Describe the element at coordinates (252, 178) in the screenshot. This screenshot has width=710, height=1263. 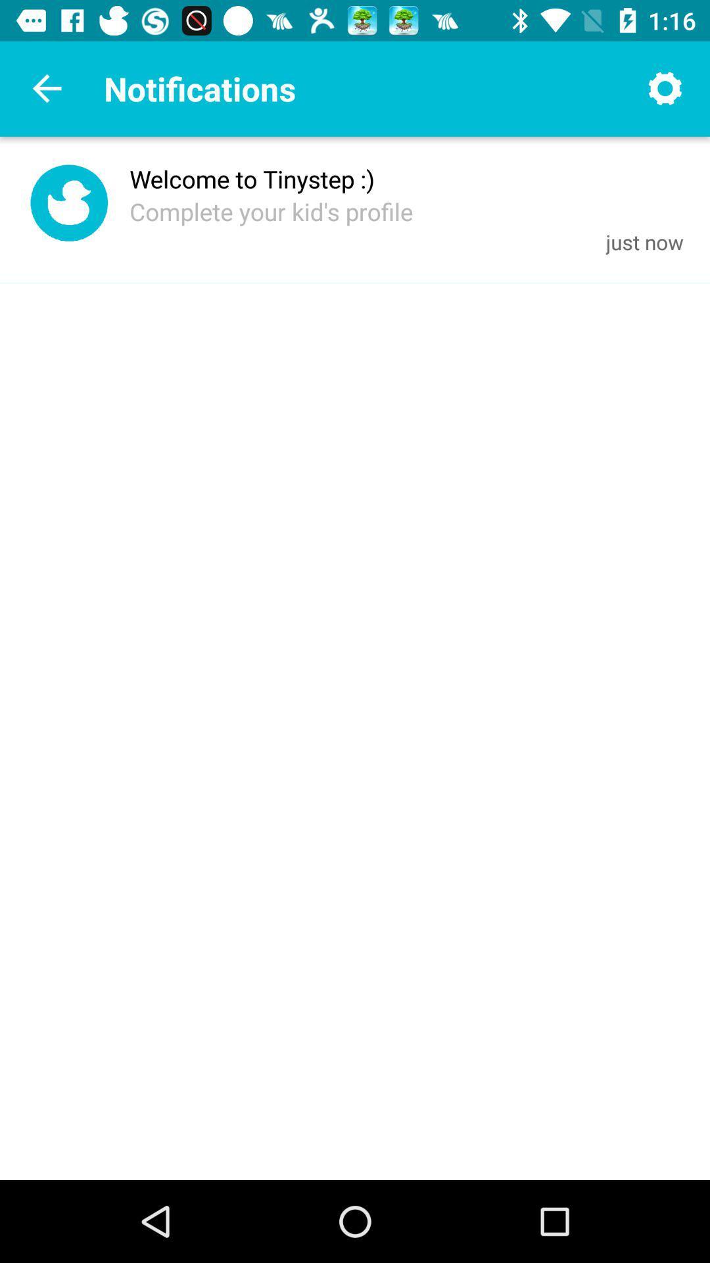
I see `icon below notifications item` at that location.